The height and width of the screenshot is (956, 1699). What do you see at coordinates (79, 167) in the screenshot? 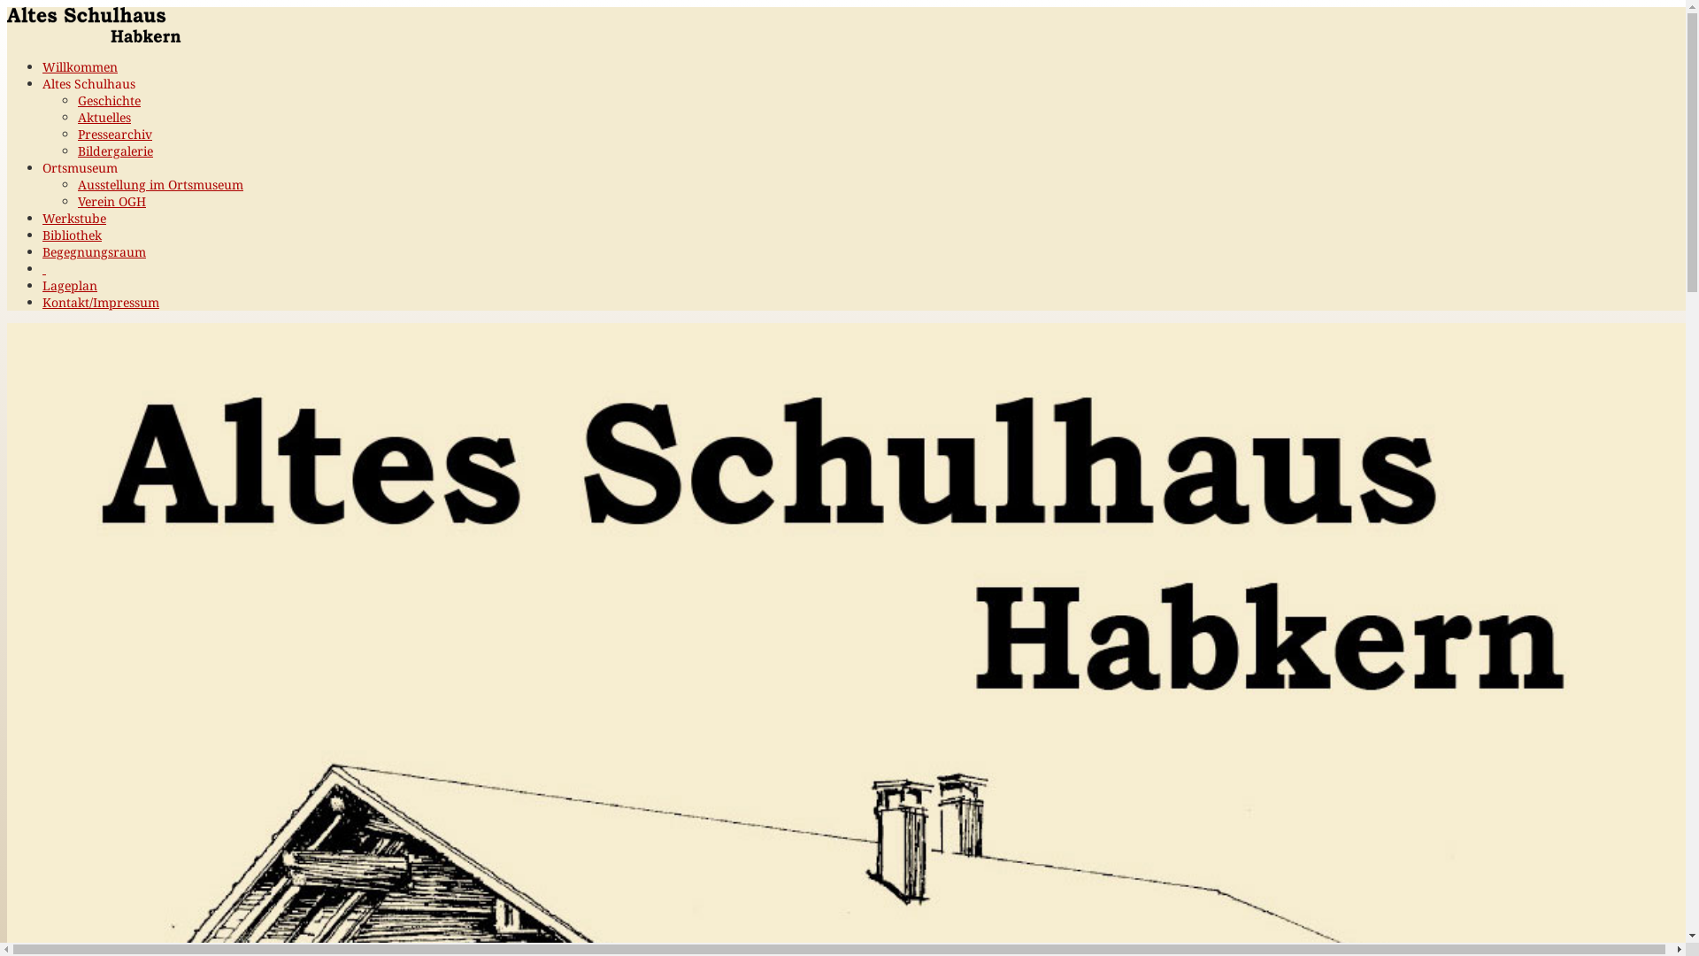
I see `'Ortsmuseum'` at bounding box center [79, 167].